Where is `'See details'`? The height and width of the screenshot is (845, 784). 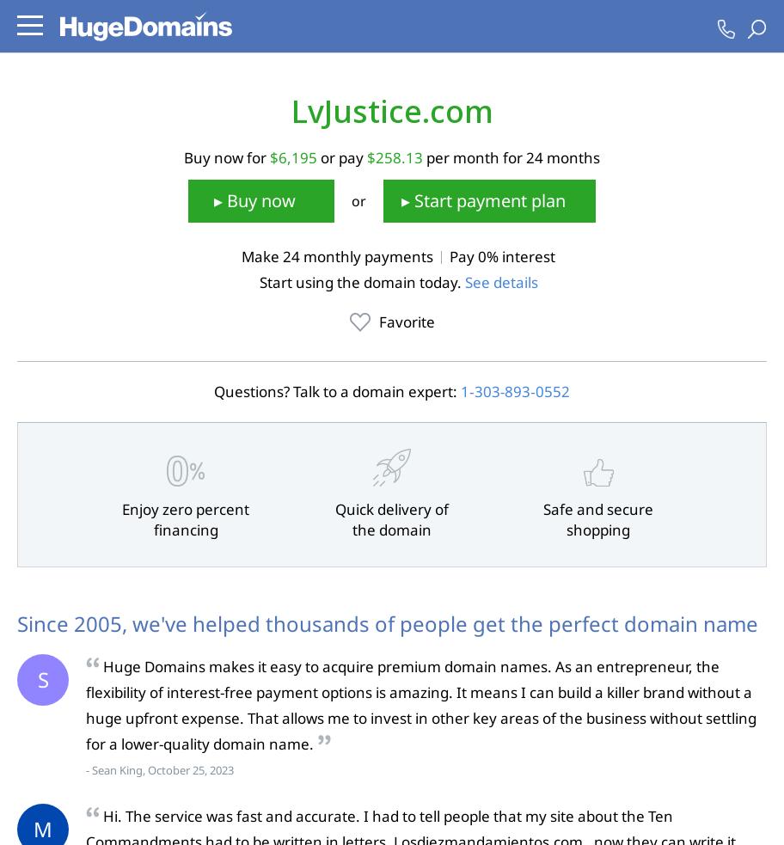 'See details' is located at coordinates (463, 281).